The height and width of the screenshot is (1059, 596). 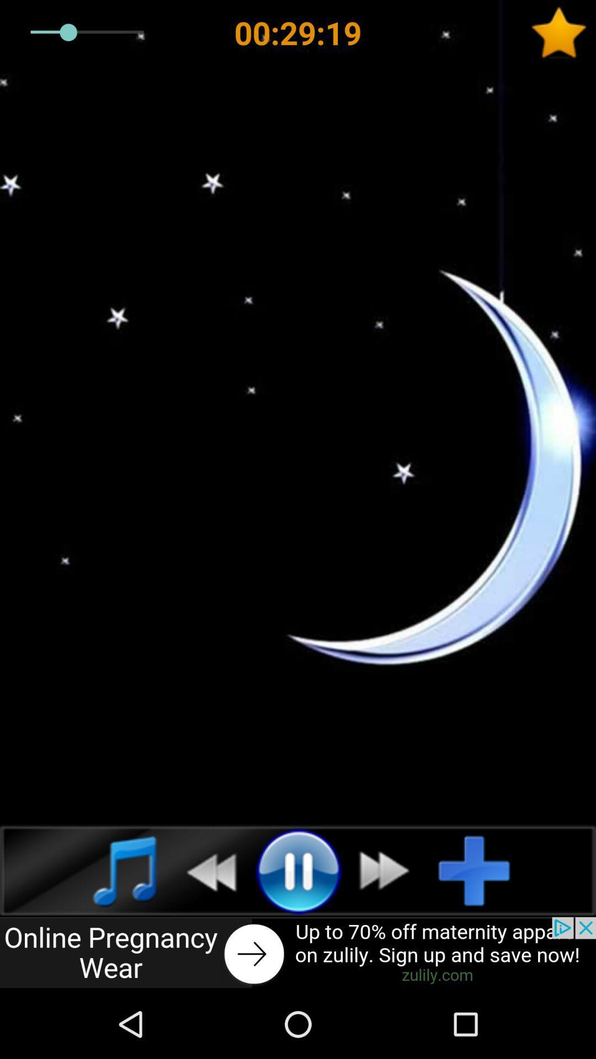 What do you see at coordinates (205, 870) in the screenshot?
I see `previous song` at bounding box center [205, 870].